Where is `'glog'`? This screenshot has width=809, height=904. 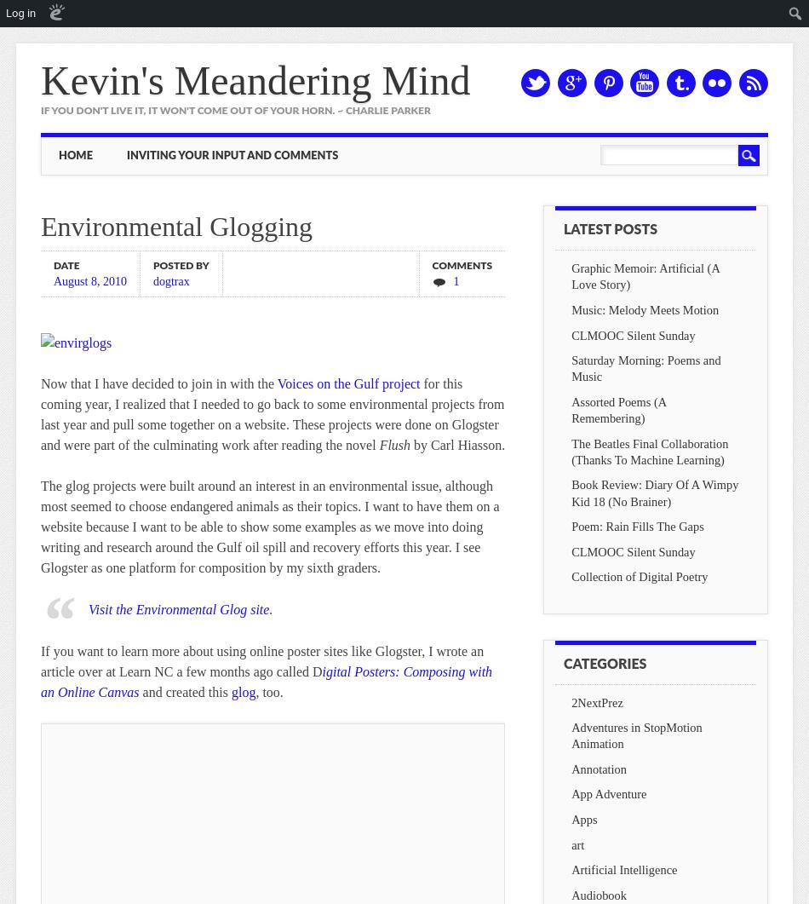
'glog' is located at coordinates (242, 691).